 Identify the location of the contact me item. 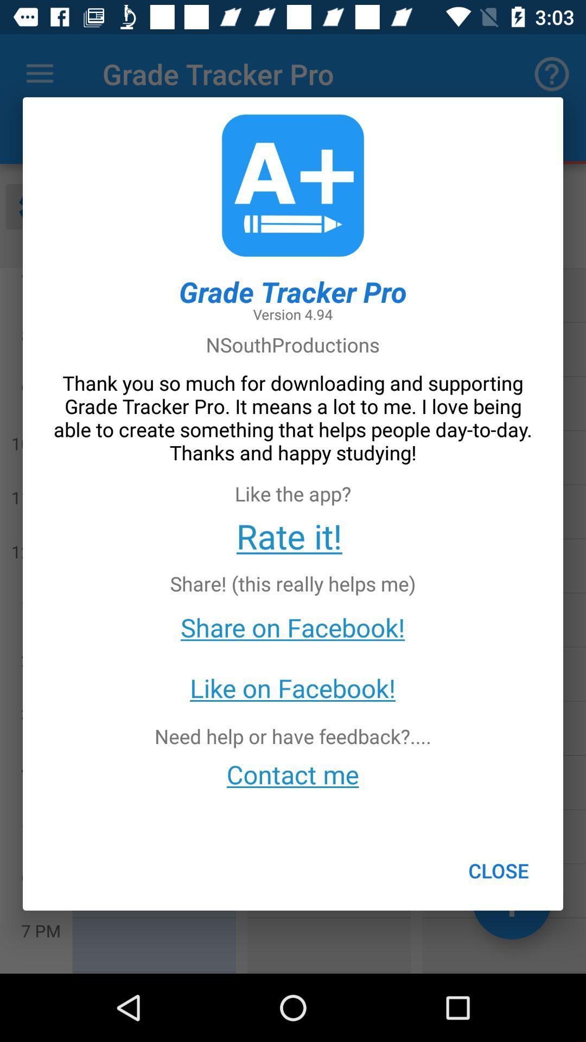
(292, 773).